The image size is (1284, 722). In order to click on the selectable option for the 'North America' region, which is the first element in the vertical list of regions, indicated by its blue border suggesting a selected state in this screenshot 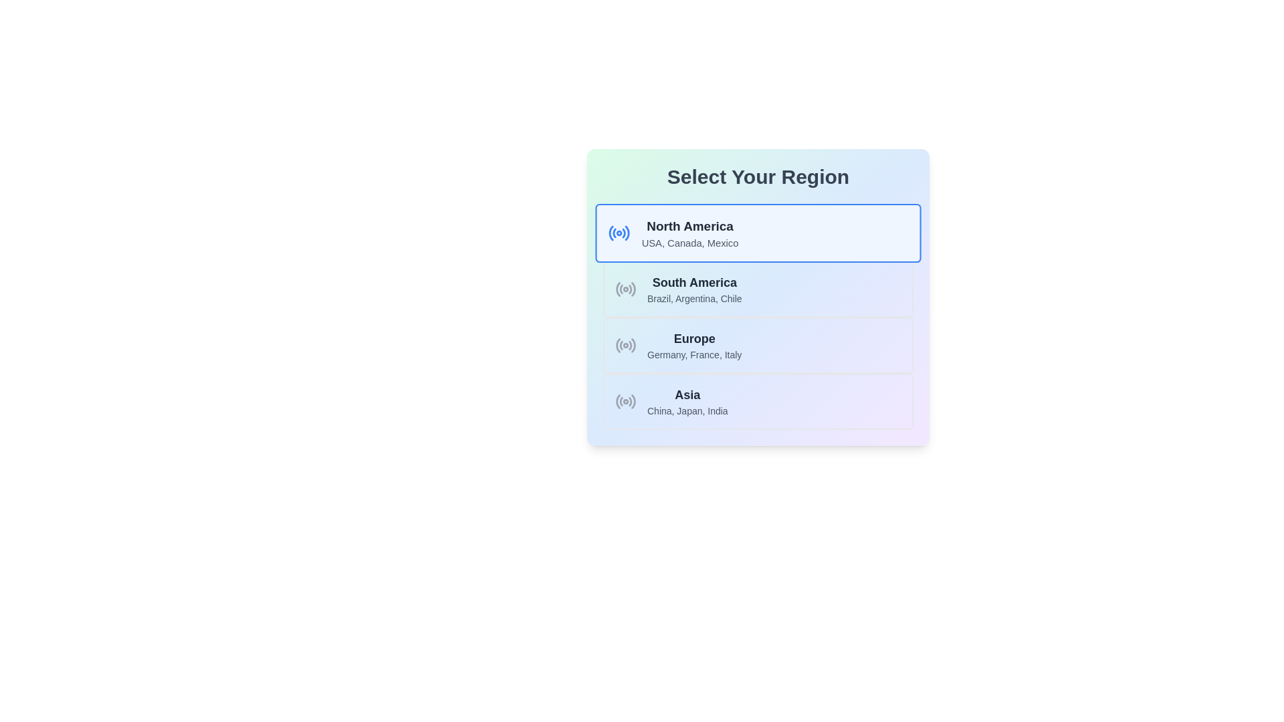, I will do `click(690, 232)`.